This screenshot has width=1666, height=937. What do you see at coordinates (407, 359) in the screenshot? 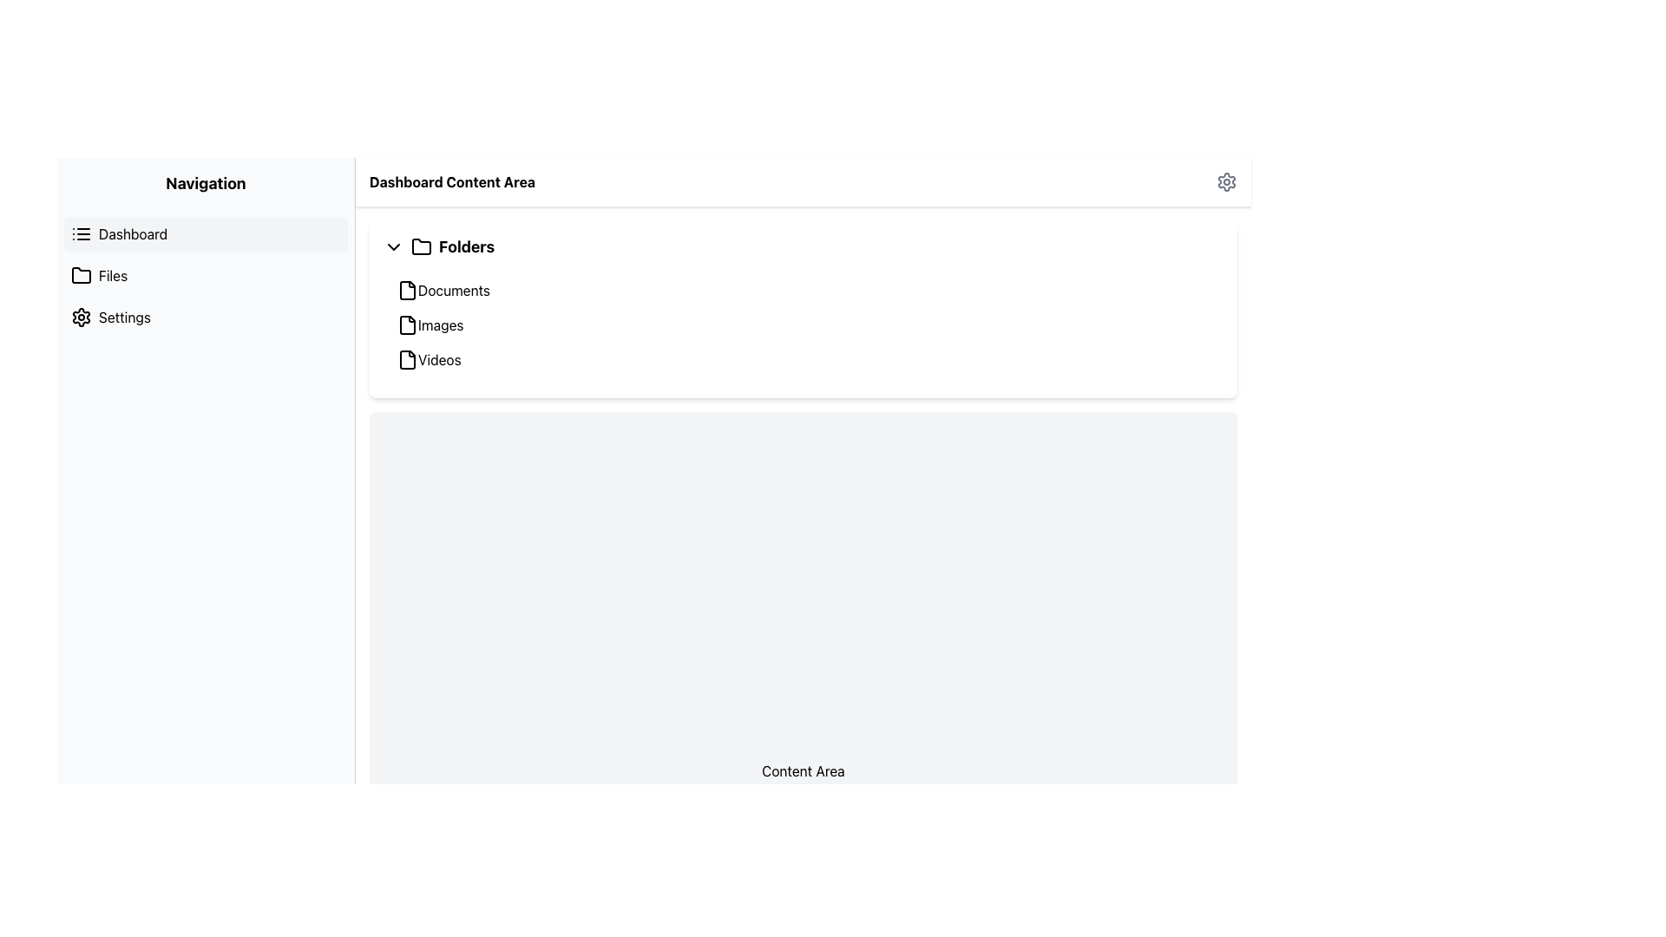
I see `the graphical file icon located to the left of the 'Videos' text in the 'Folders' section of the dashboard` at bounding box center [407, 359].